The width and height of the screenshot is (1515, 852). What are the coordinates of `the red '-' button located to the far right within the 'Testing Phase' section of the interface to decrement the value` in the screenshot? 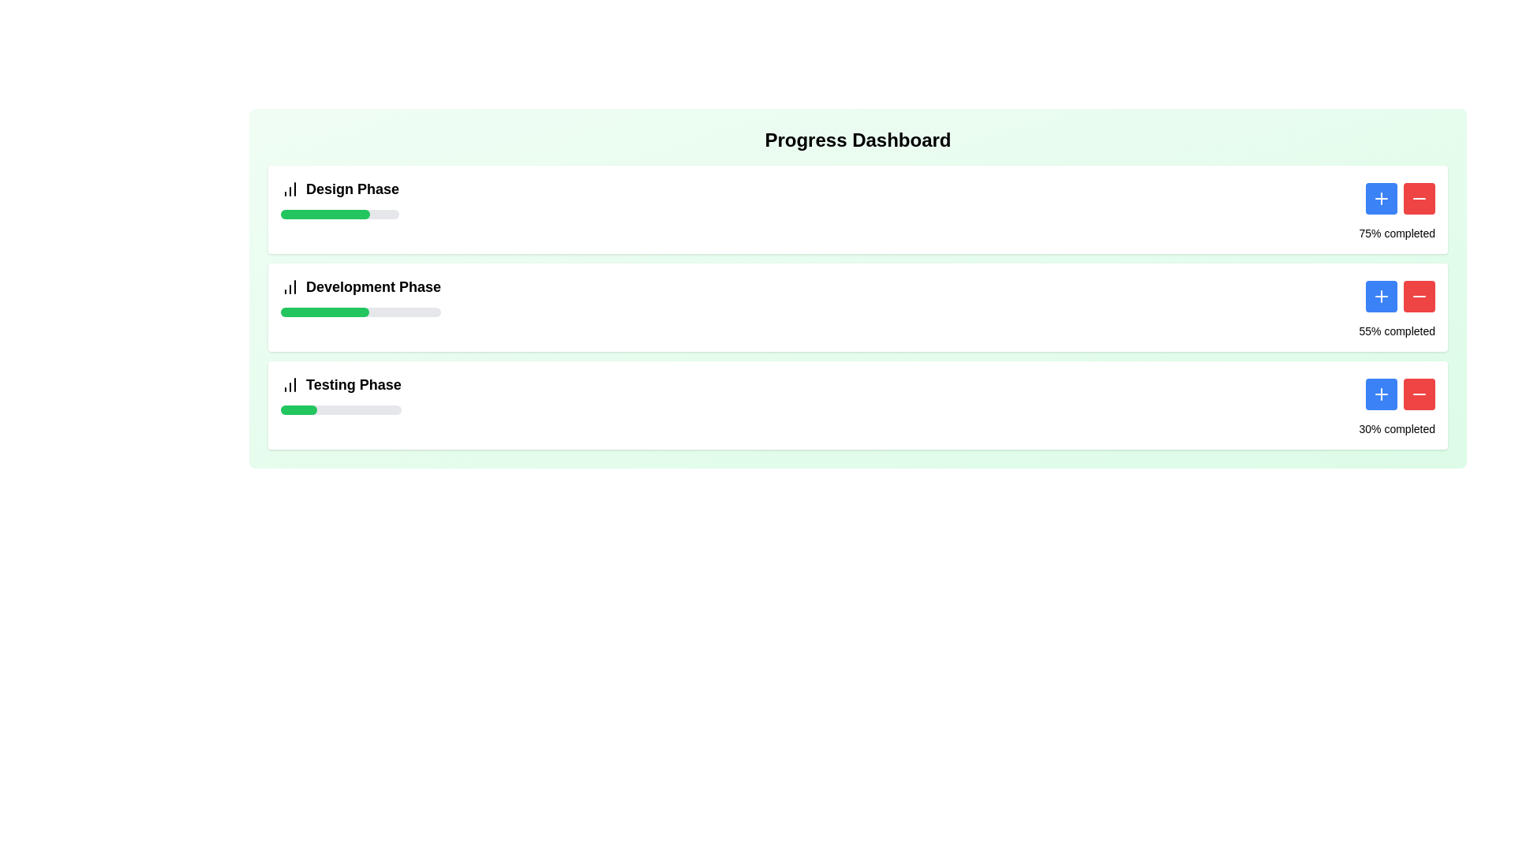 It's located at (1401, 394).